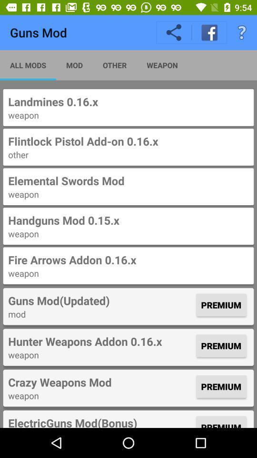 This screenshot has width=257, height=458. What do you see at coordinates (128, 141) in the screenshot?
I see `item below weapon icon` at bounding box center [128, 141].